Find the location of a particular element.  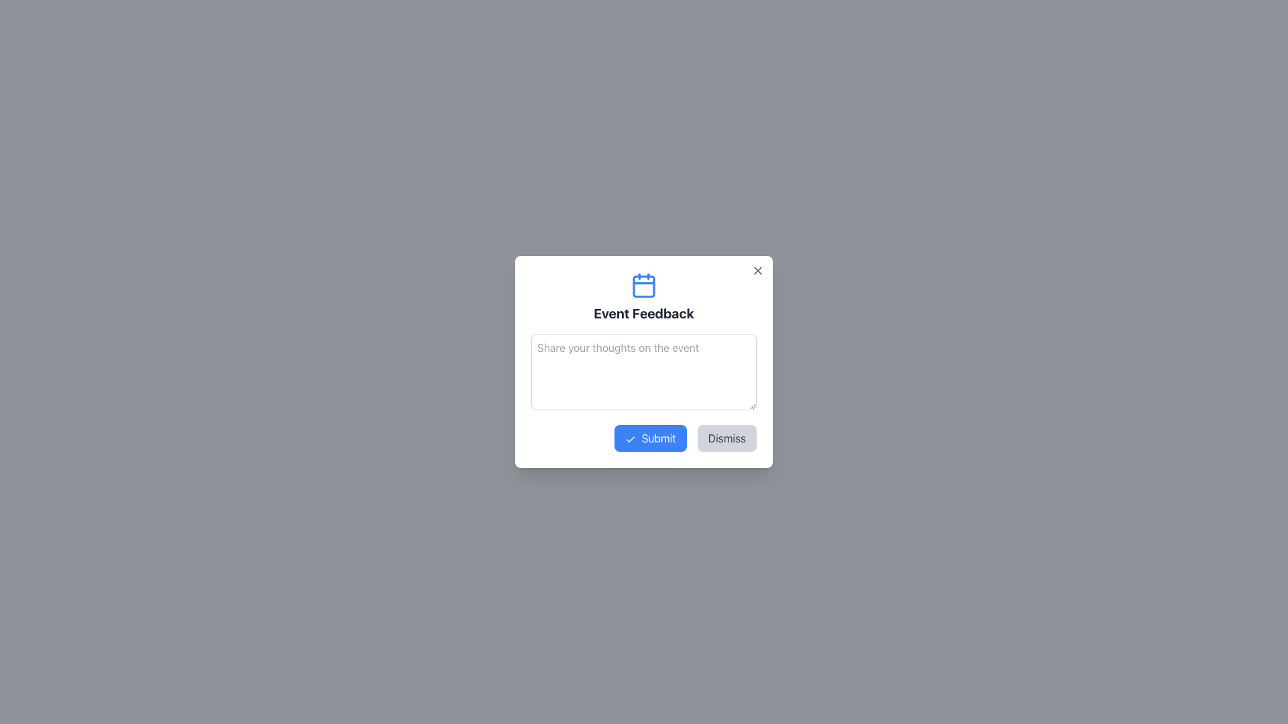

the bold header text labeled 'Event Feedback' that is centrally aligned within a white modal on a gray background is located at coordinates (644, 313).